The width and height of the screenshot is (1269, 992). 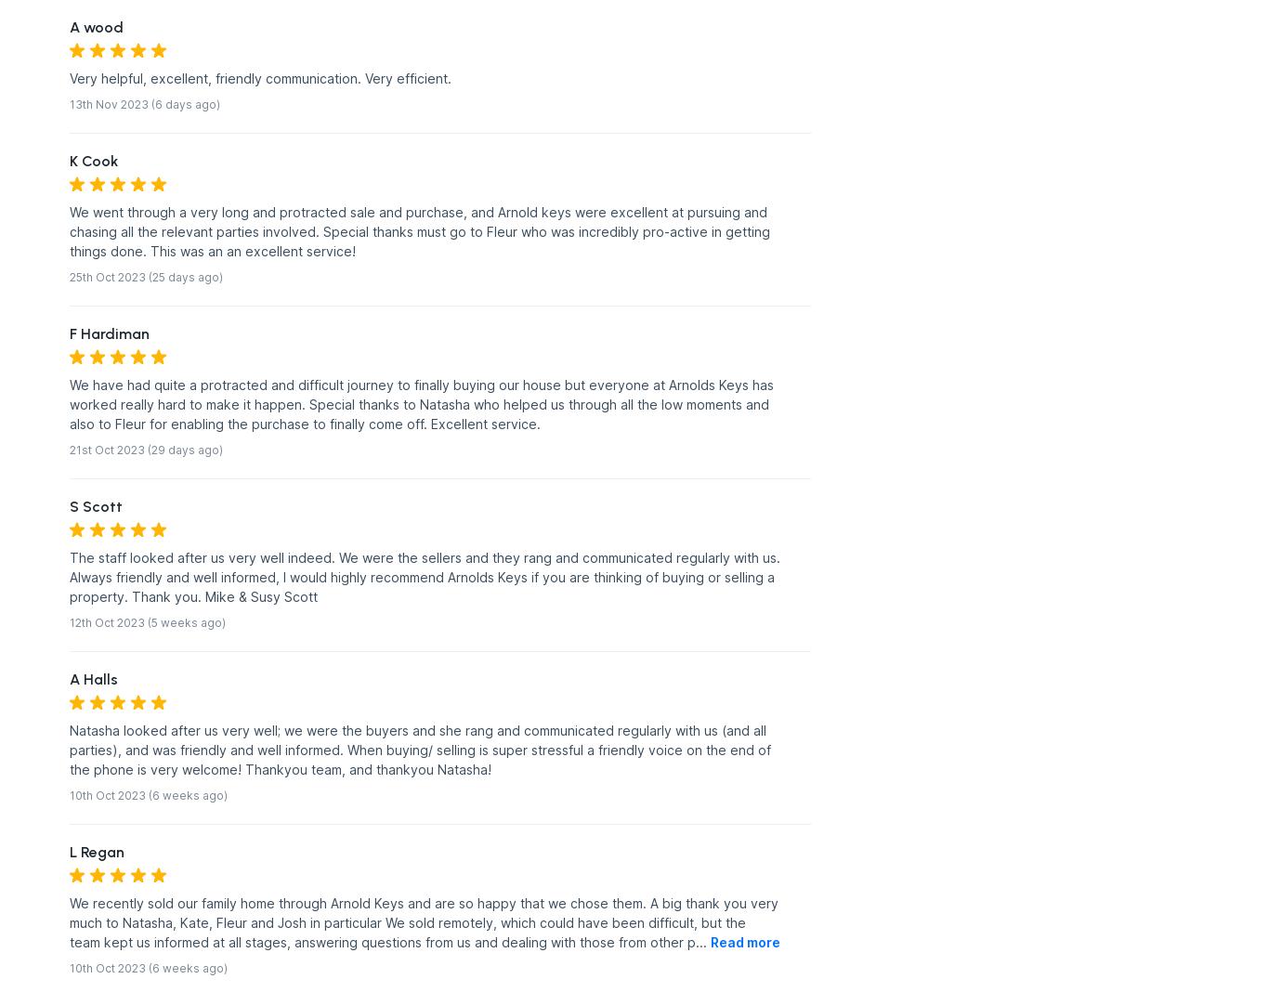 I want to click on 'We recently sold our family home through Arnold Keys and are so happy that we chose them. A big thank you very', so click(x=424, y=903).